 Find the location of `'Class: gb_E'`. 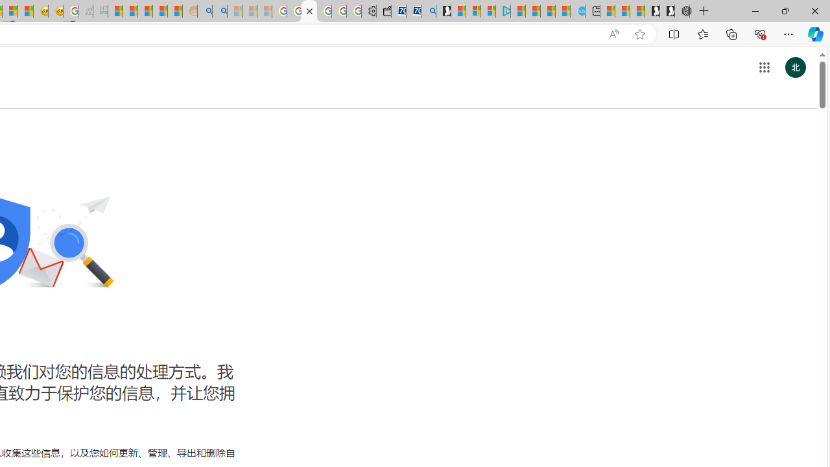

'Class: gb_E' is located at coordinates (764, 67).